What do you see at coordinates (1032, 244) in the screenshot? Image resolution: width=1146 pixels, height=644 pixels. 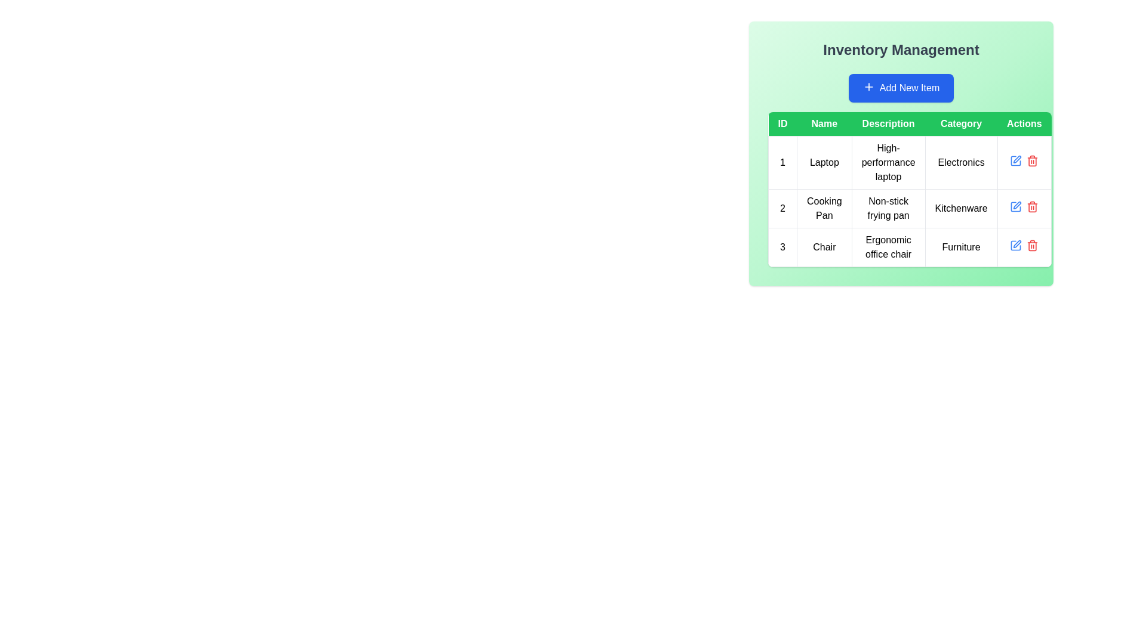 I see `the deletion button located in the 'Actions' column, which is the second icon in the third row of the table` at bounding box center [1032, 244].